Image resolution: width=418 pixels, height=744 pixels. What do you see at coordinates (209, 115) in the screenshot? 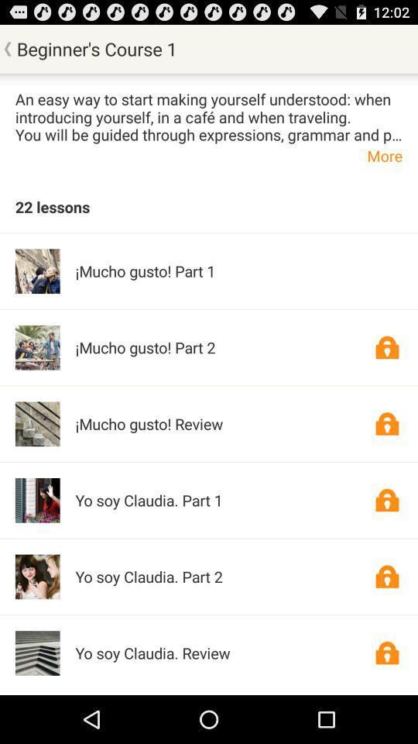
I see `icon below the beginner s course app` at bounding box center [209, 115].